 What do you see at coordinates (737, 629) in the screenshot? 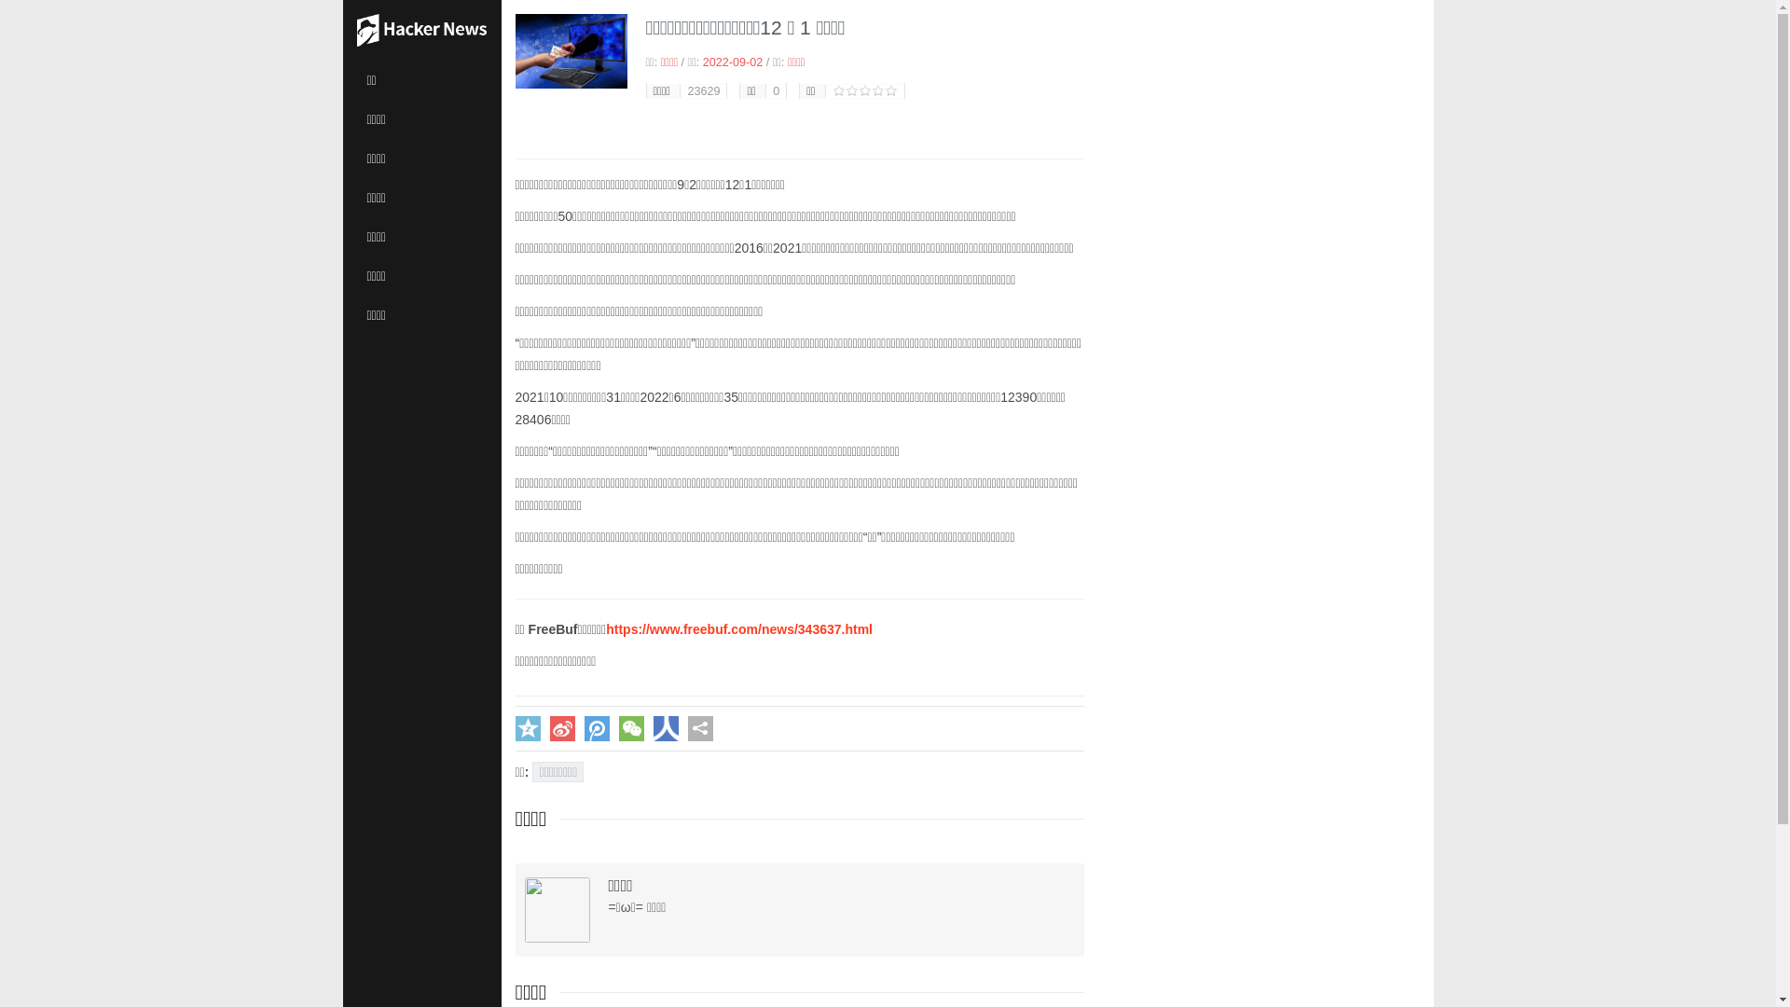
I see `'https://www.freebuf.com/news/343637.html'` at bounding box center [737, 629].